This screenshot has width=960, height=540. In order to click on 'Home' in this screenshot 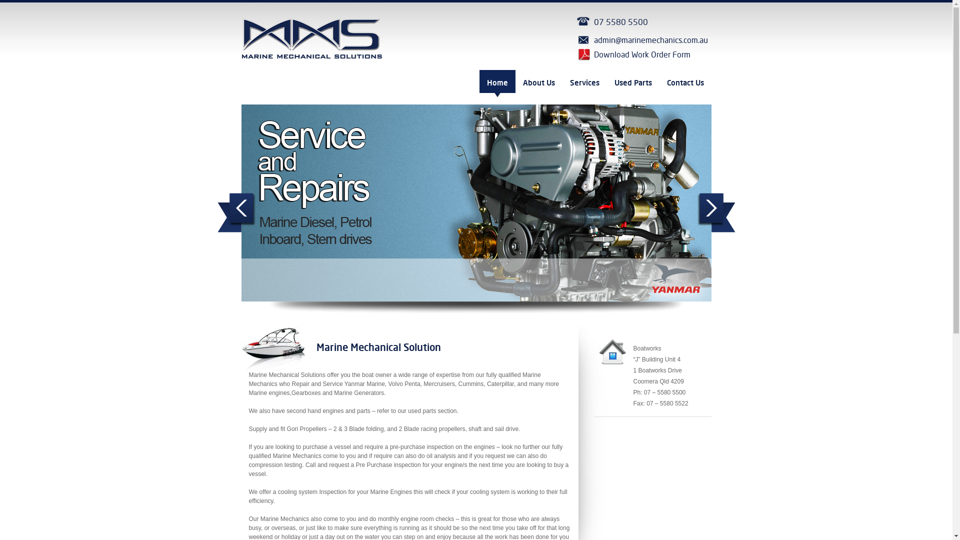, I will do `click(478, 82)`.